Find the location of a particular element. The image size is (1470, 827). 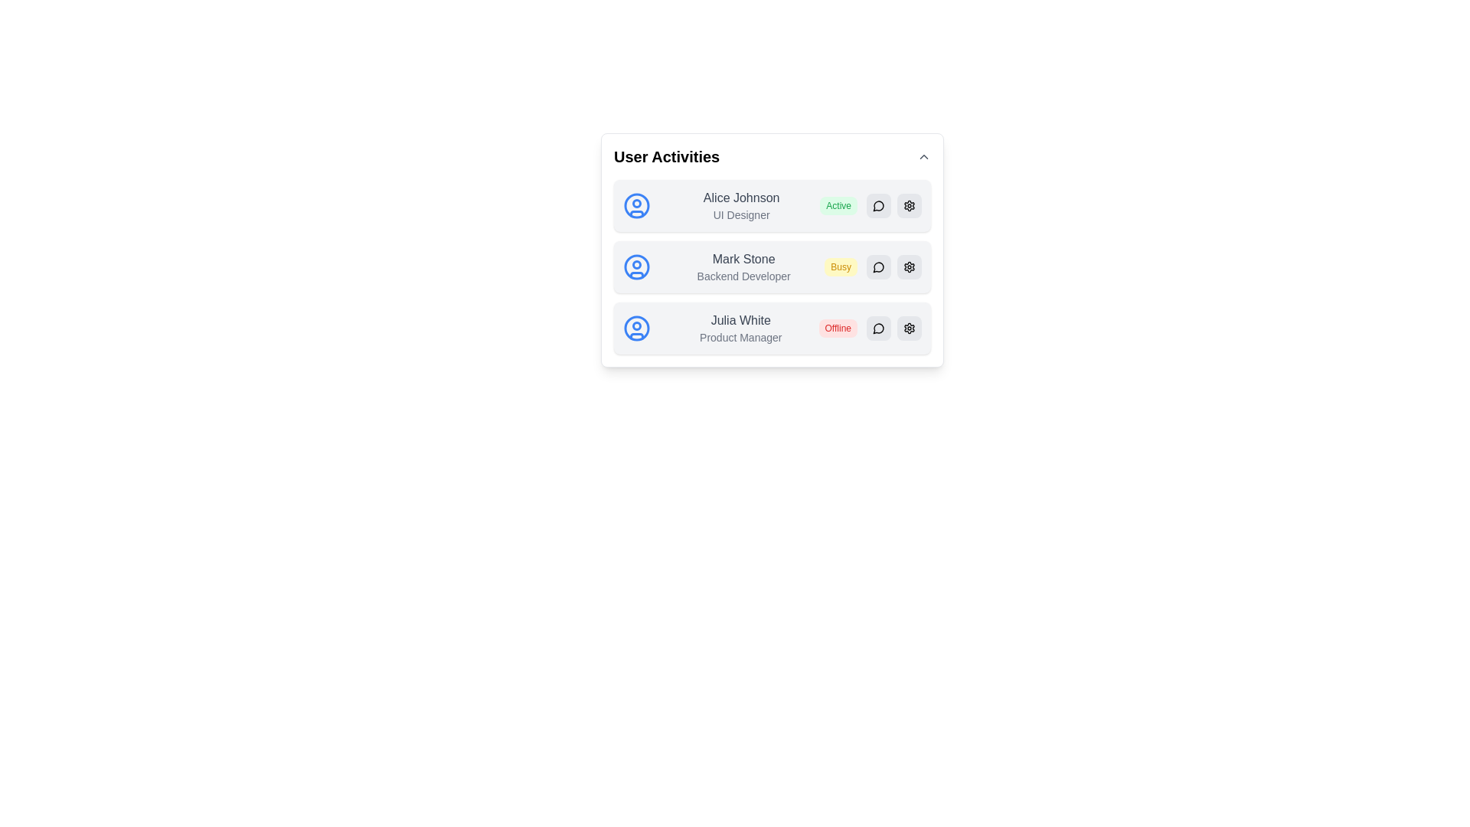

the user's name 'Julia White' in the user profile card is located at coordinates (772, 327).